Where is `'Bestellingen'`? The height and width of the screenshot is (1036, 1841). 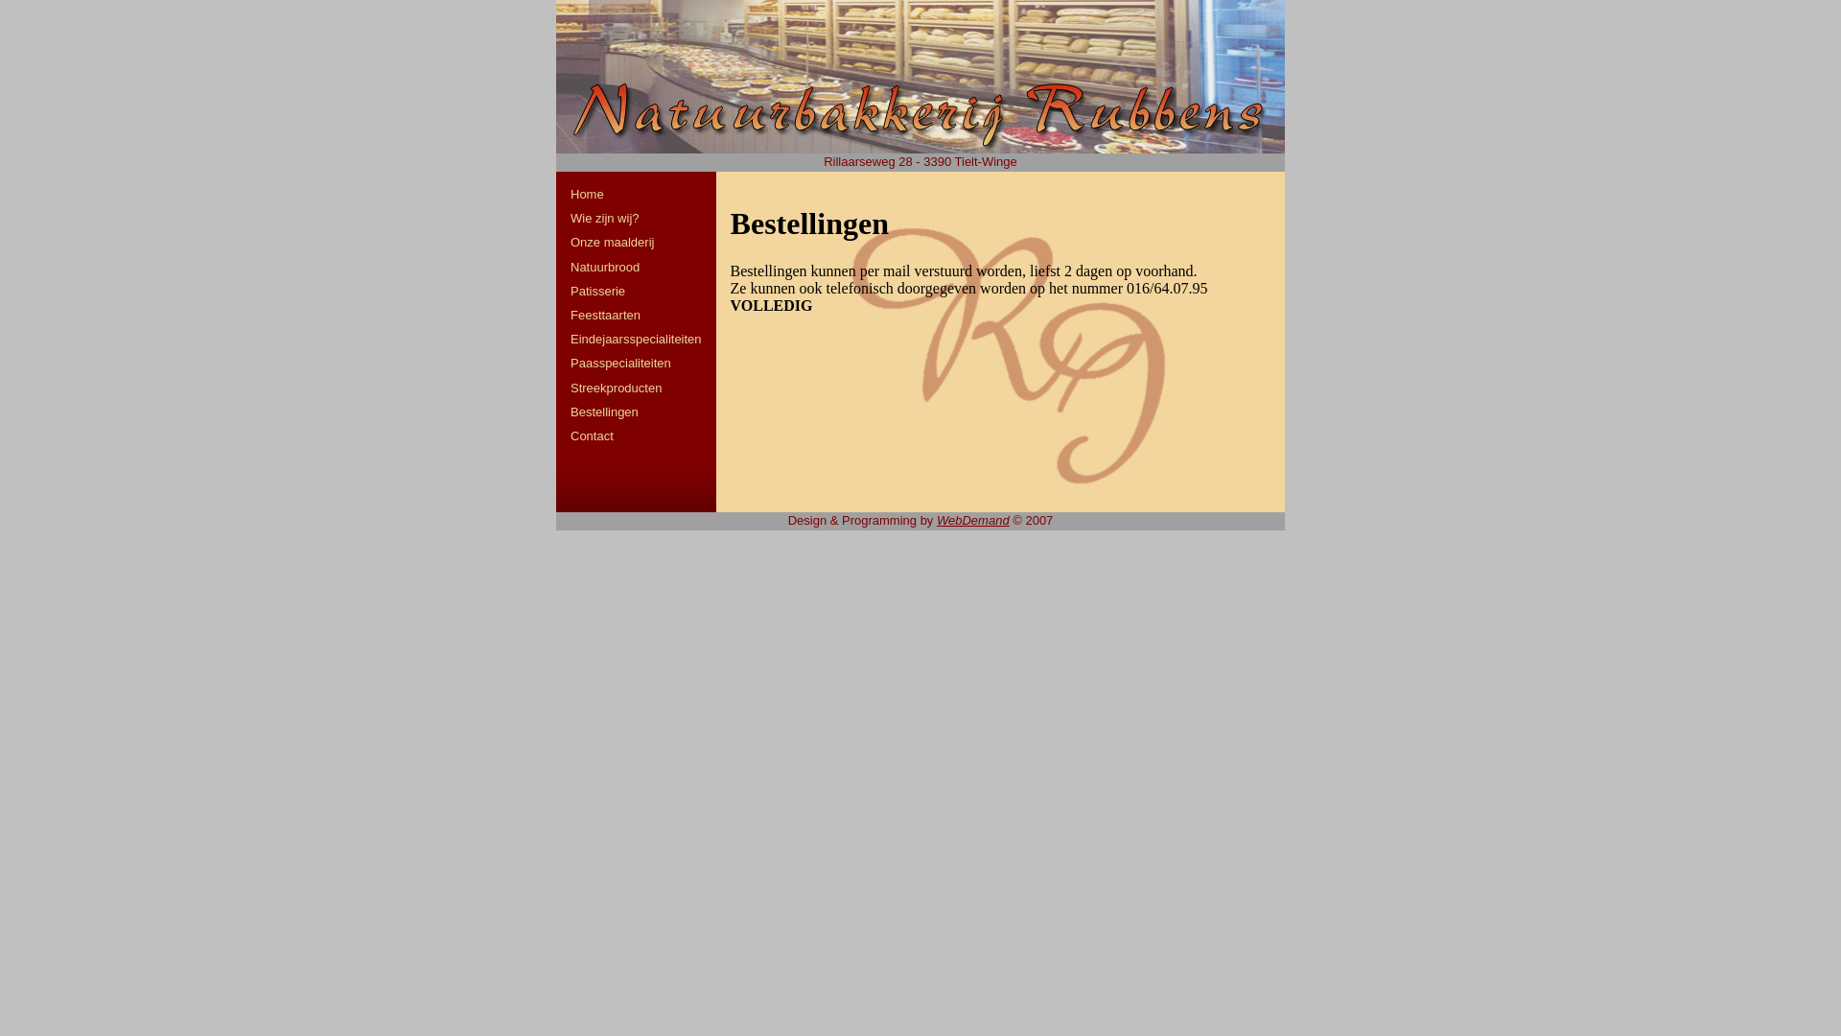
'Bestellingen' is located at coordinates (603, 411).